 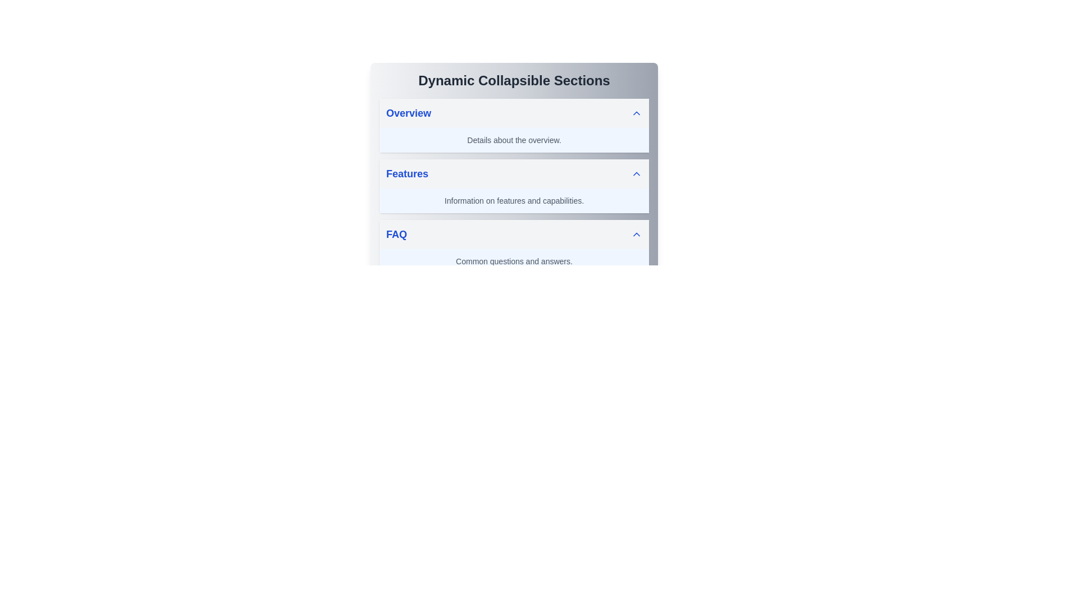 What do you see at coordinates (408, 113) in the screenshot?
I see `the static text label displaying the word 'Overview' in a bold blue font, located on the left side of the top collapsible section header` at bounding box center [408, 113].